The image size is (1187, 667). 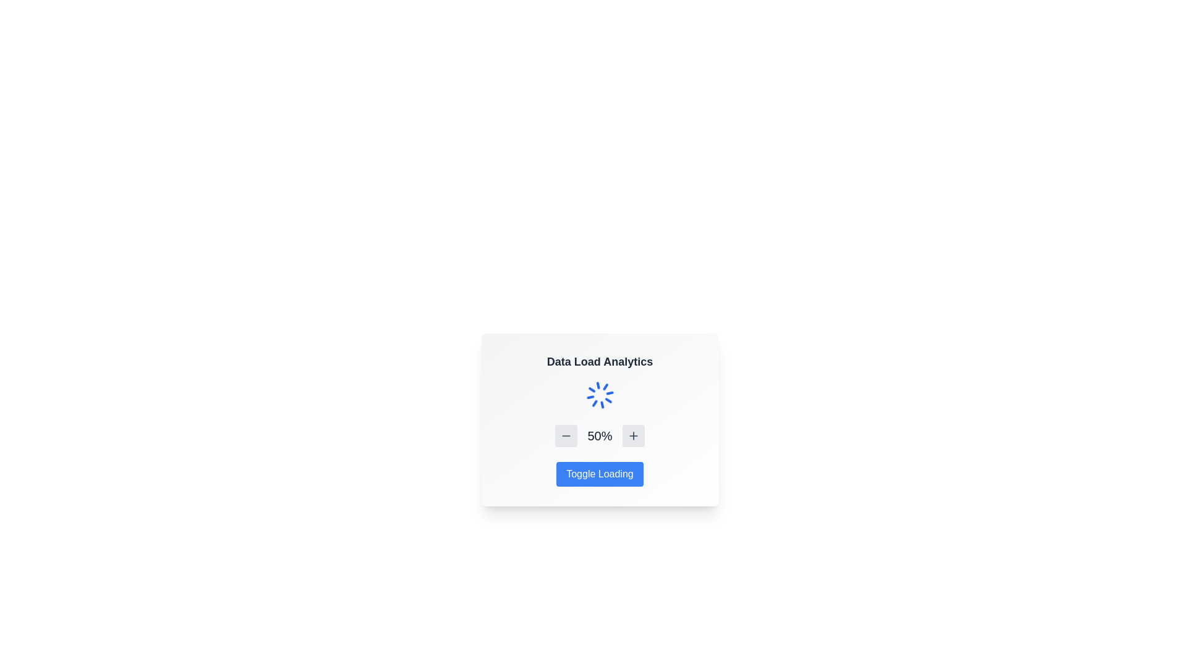 What do you see at coordinates (600, 395) in the screenshot?
I see `the Spinner Icon that indicates a loading or processing state, centrally aligned above the '50%' adjustment controls` at bounding box center [600, 395].